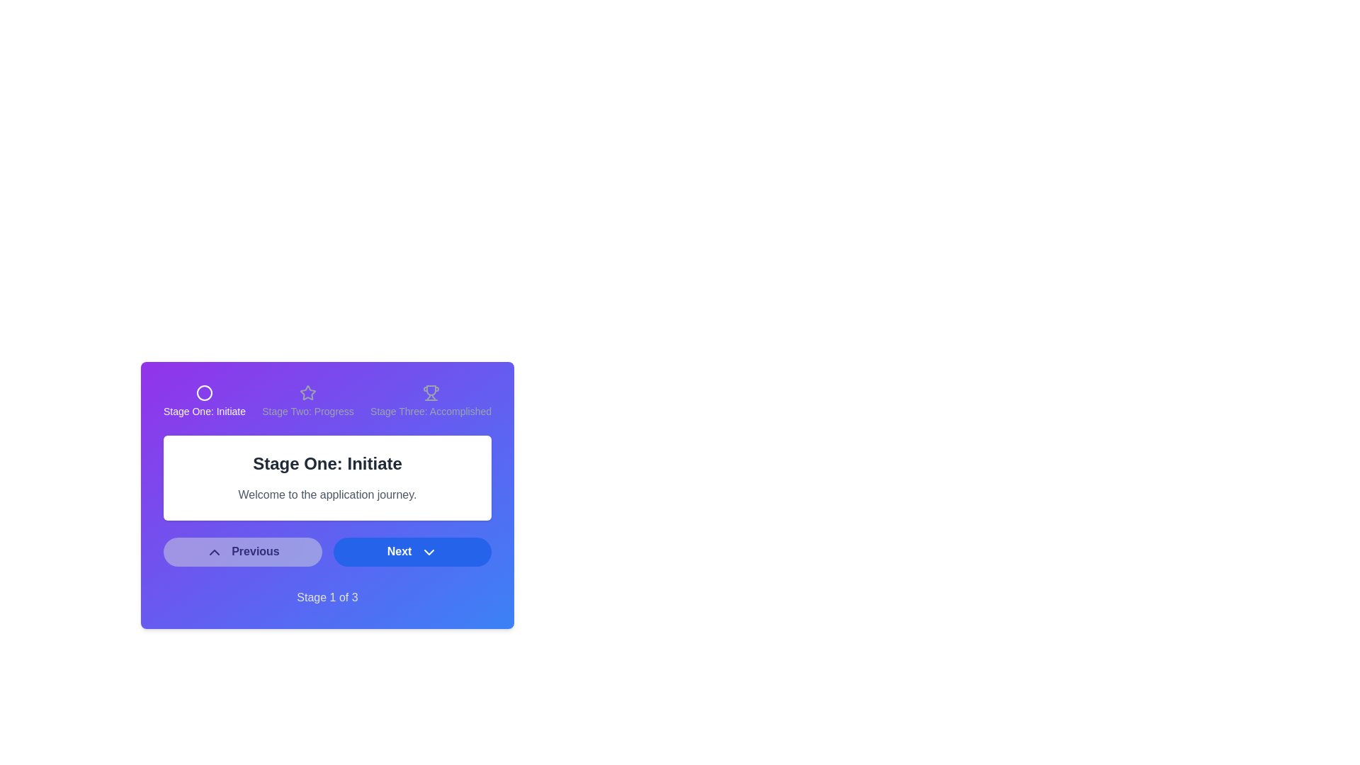 Image resolution: width=1360 pixels, height=765 pixels. Describe the element at coordinates (412, 551) in the screenshot. I see `the blue button labeled 'Next' with rounded edges` at that location.